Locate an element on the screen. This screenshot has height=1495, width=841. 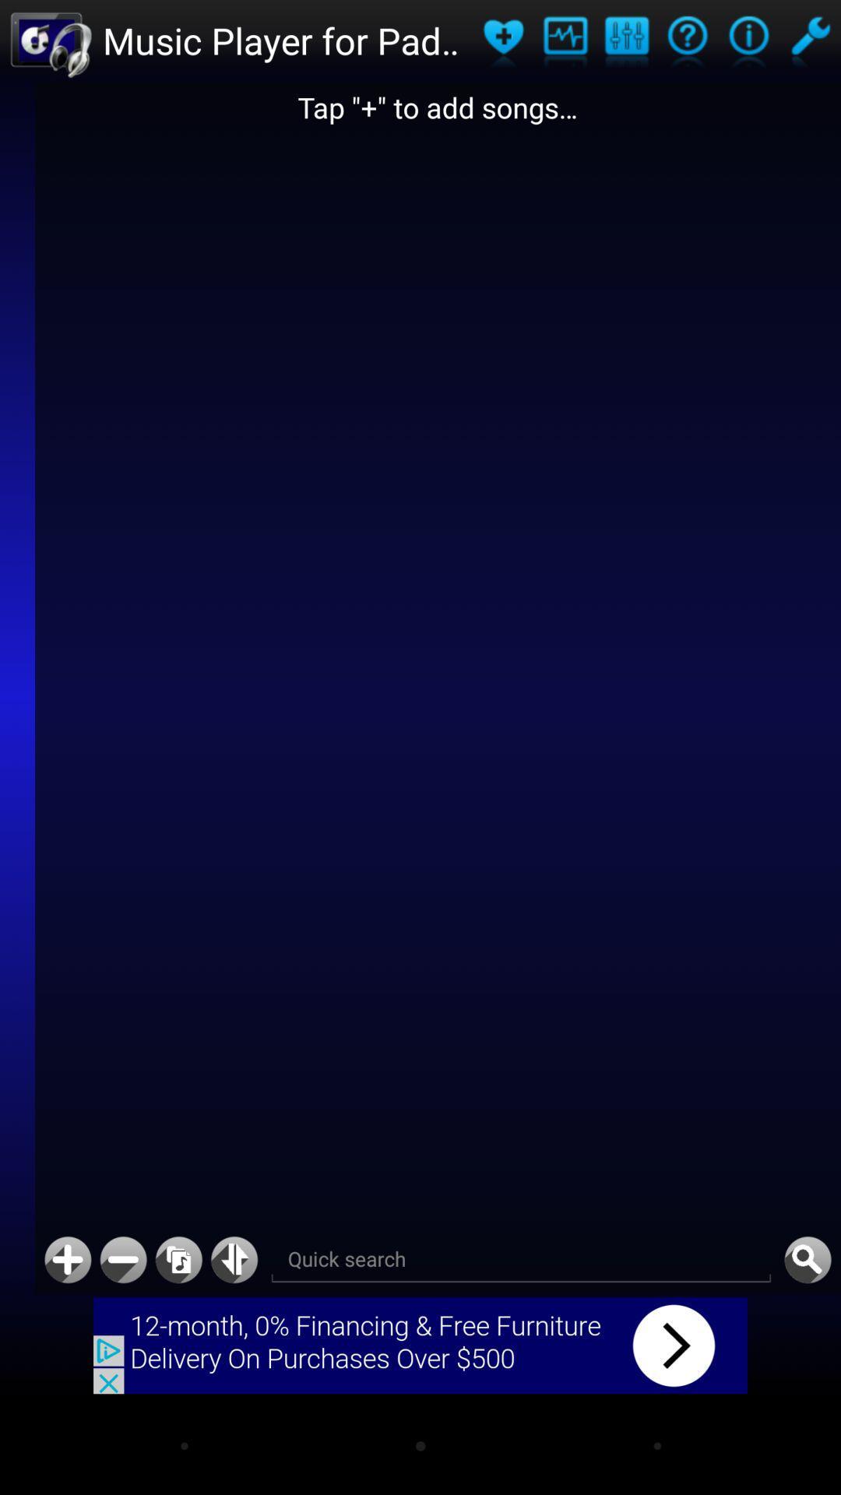
help button is located at coordinates (687, 40).